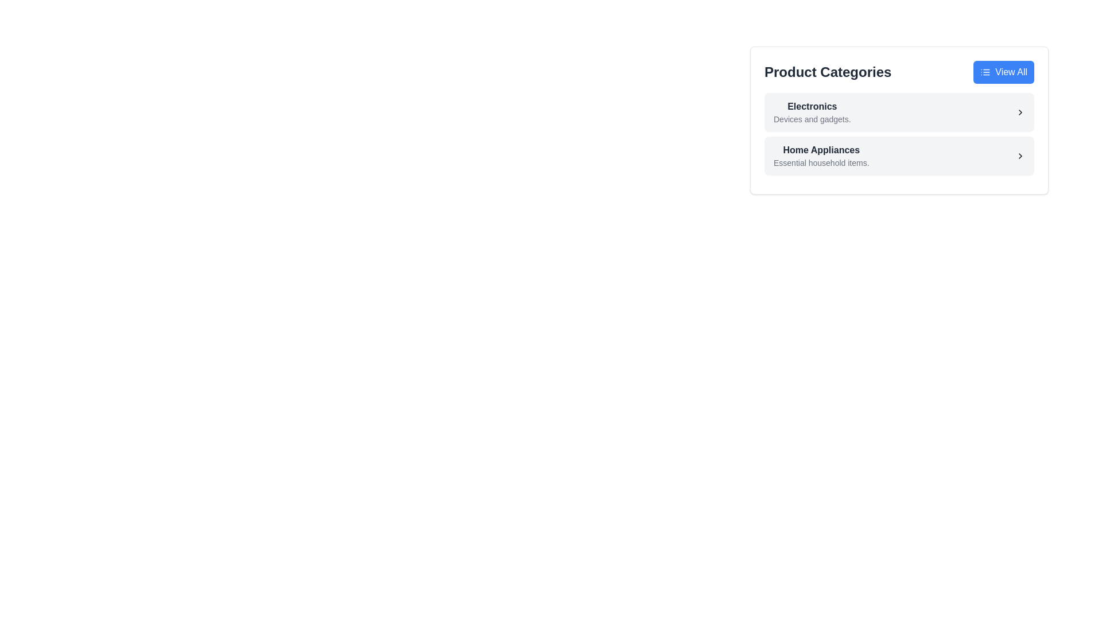  I want to click on the 'Home Appliances' category list item, which is the second item in the vertical list of product categories, positioned below 'Electronics' and above the rightward arrow icon, so click(821, 156).